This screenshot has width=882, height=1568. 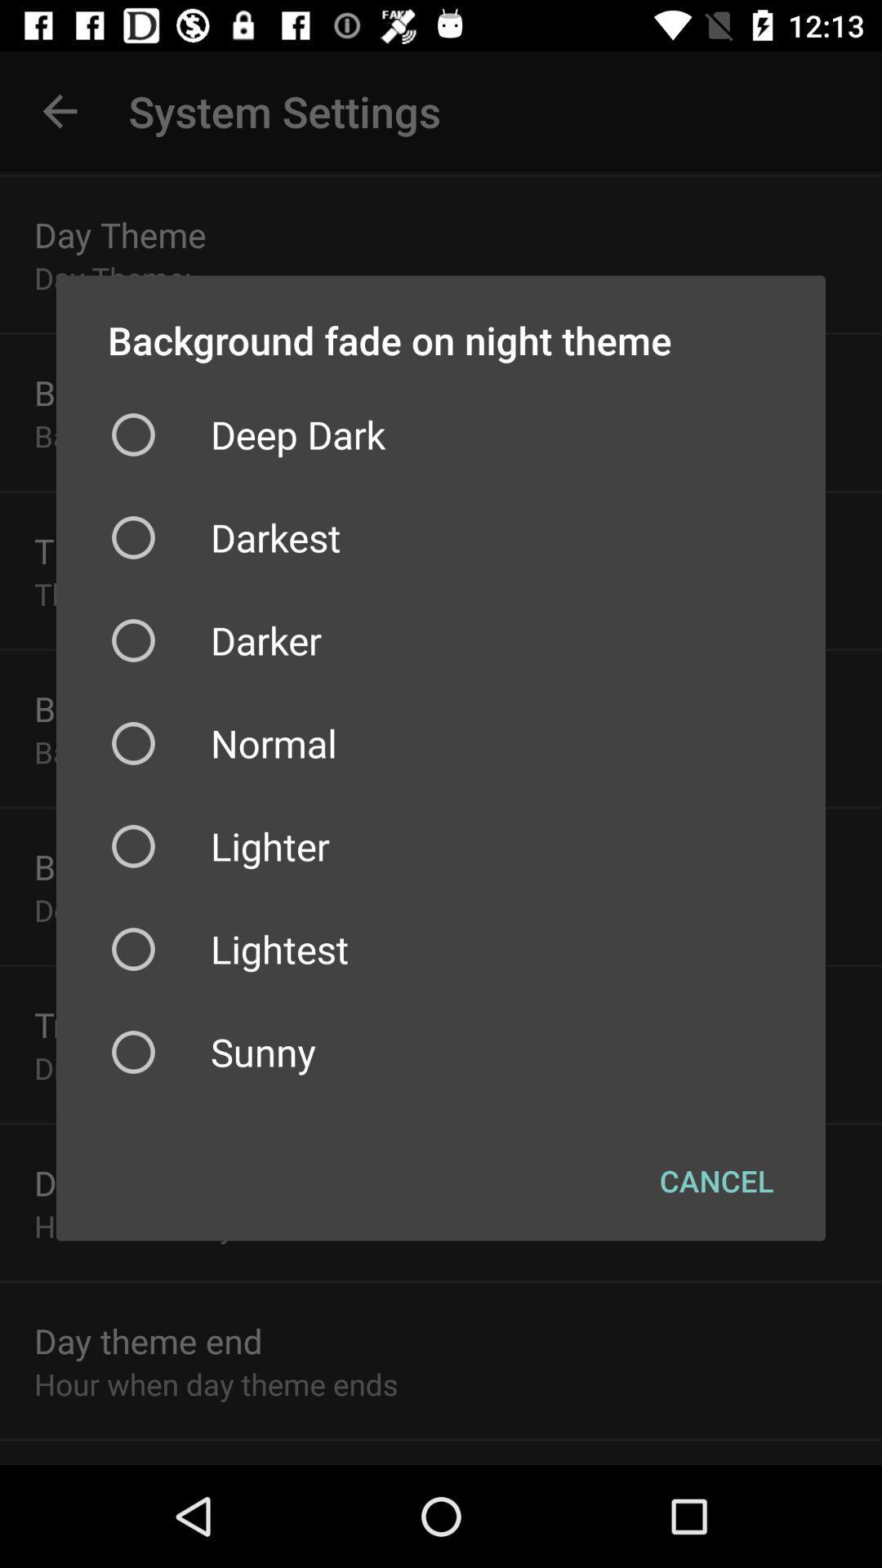 What do you see at coordinates (715, 1180) in the screenshot?
I see `the icon below the sunny checkbox` at bounding box center [715, 1180].